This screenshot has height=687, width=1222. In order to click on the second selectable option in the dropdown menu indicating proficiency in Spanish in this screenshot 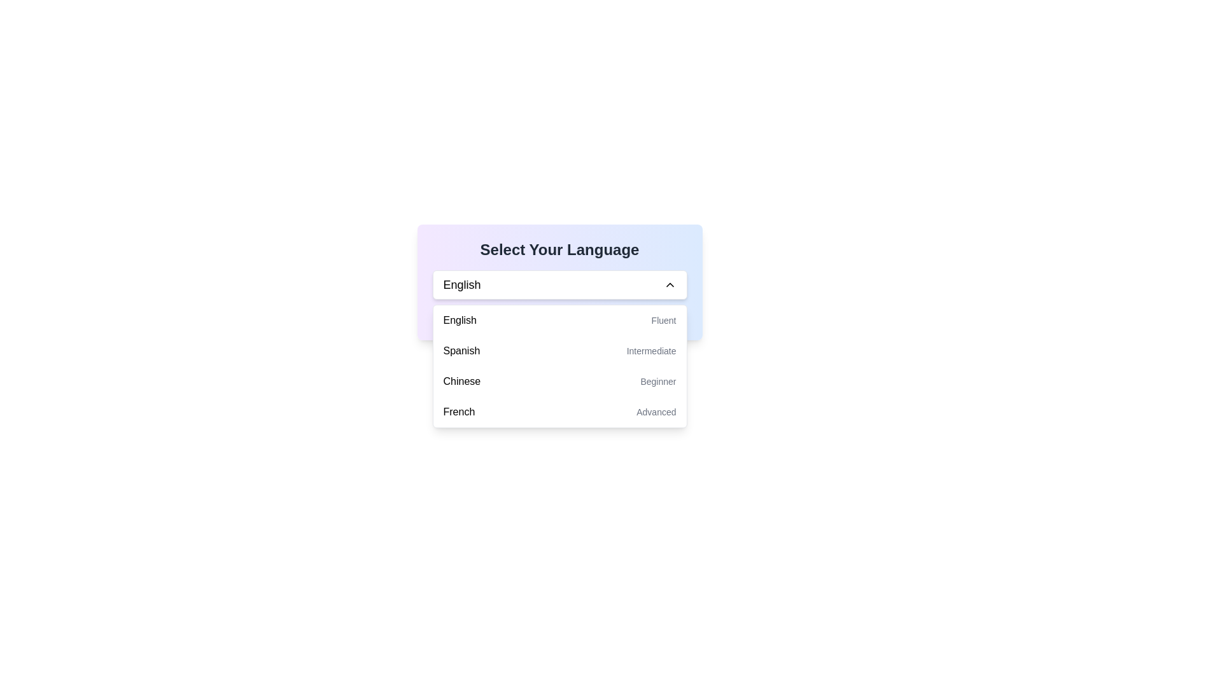, I will do `click(559, 350)`.